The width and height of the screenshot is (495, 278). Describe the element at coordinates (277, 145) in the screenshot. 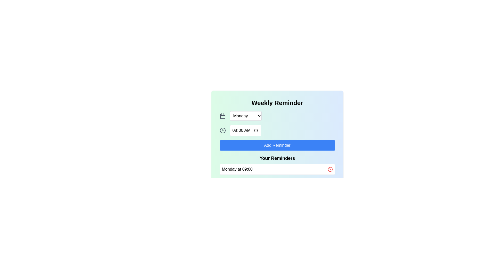

I see `the button that allows users to add a new reminder, located below the time input field labeled '08:00 AM' and above the section titled 'Your Reminders'` at that location.